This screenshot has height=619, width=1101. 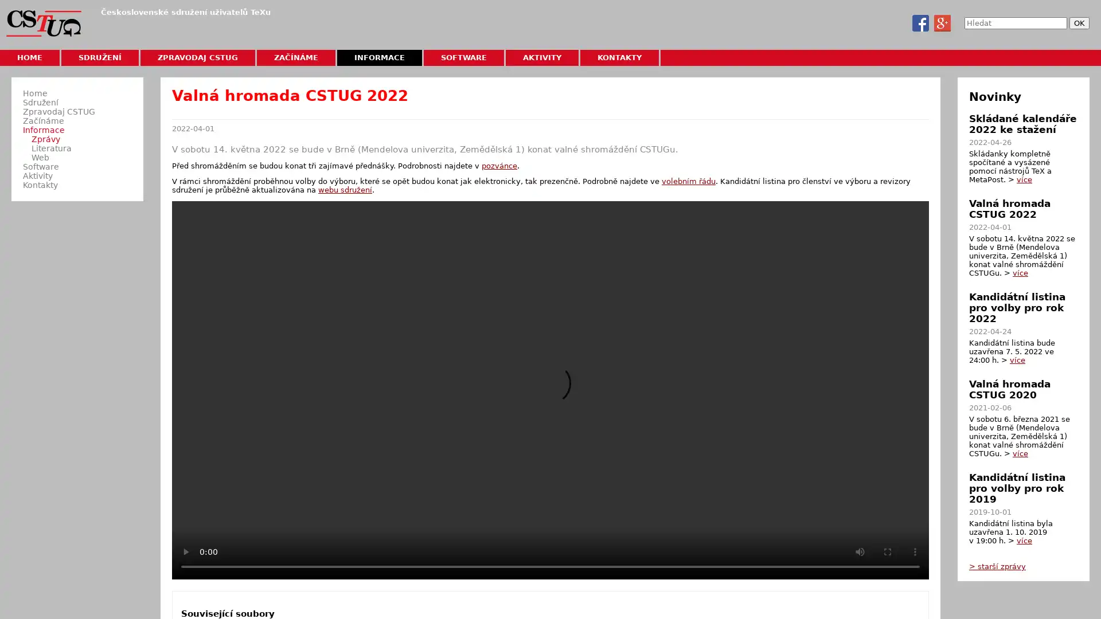 I want to click on OK, so click(x=1079, y=23).